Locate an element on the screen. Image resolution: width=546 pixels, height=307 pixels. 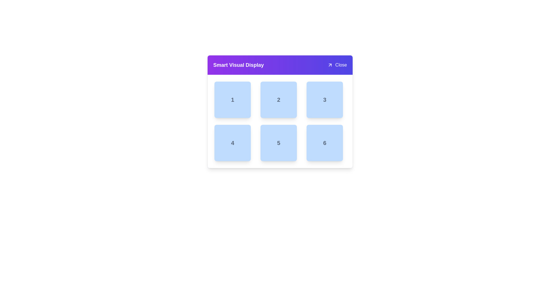
the 'Close' button located in the top-right corner of the header section, which features white bold text and an upward-right arrow icon against a gradient background is located at coordinates (337, 65).